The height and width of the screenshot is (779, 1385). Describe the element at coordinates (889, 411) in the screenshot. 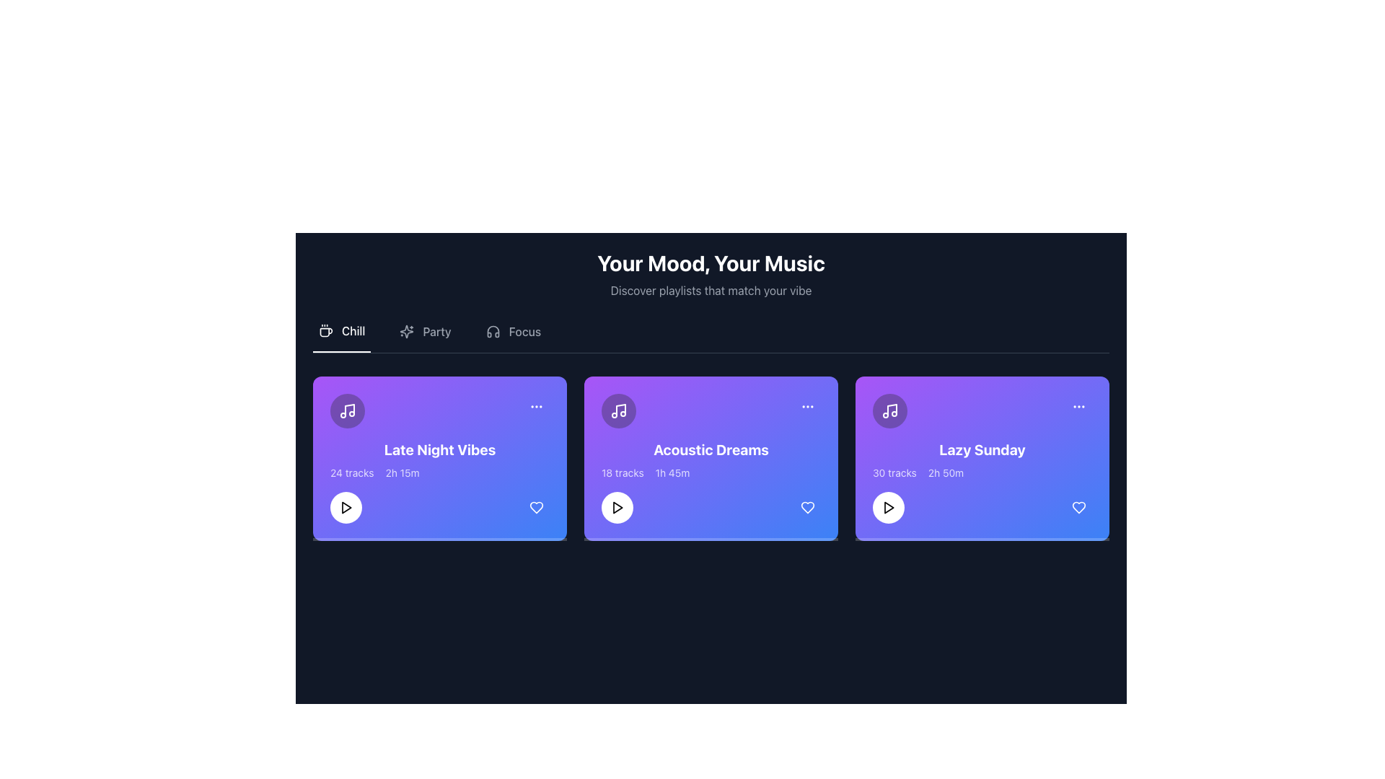

I see `the music icon located on the 'Lazy Sunday' playlist card, which serves as a visual indicator for the playlist's theme, positioned at the far-right among the three cards` at that location.